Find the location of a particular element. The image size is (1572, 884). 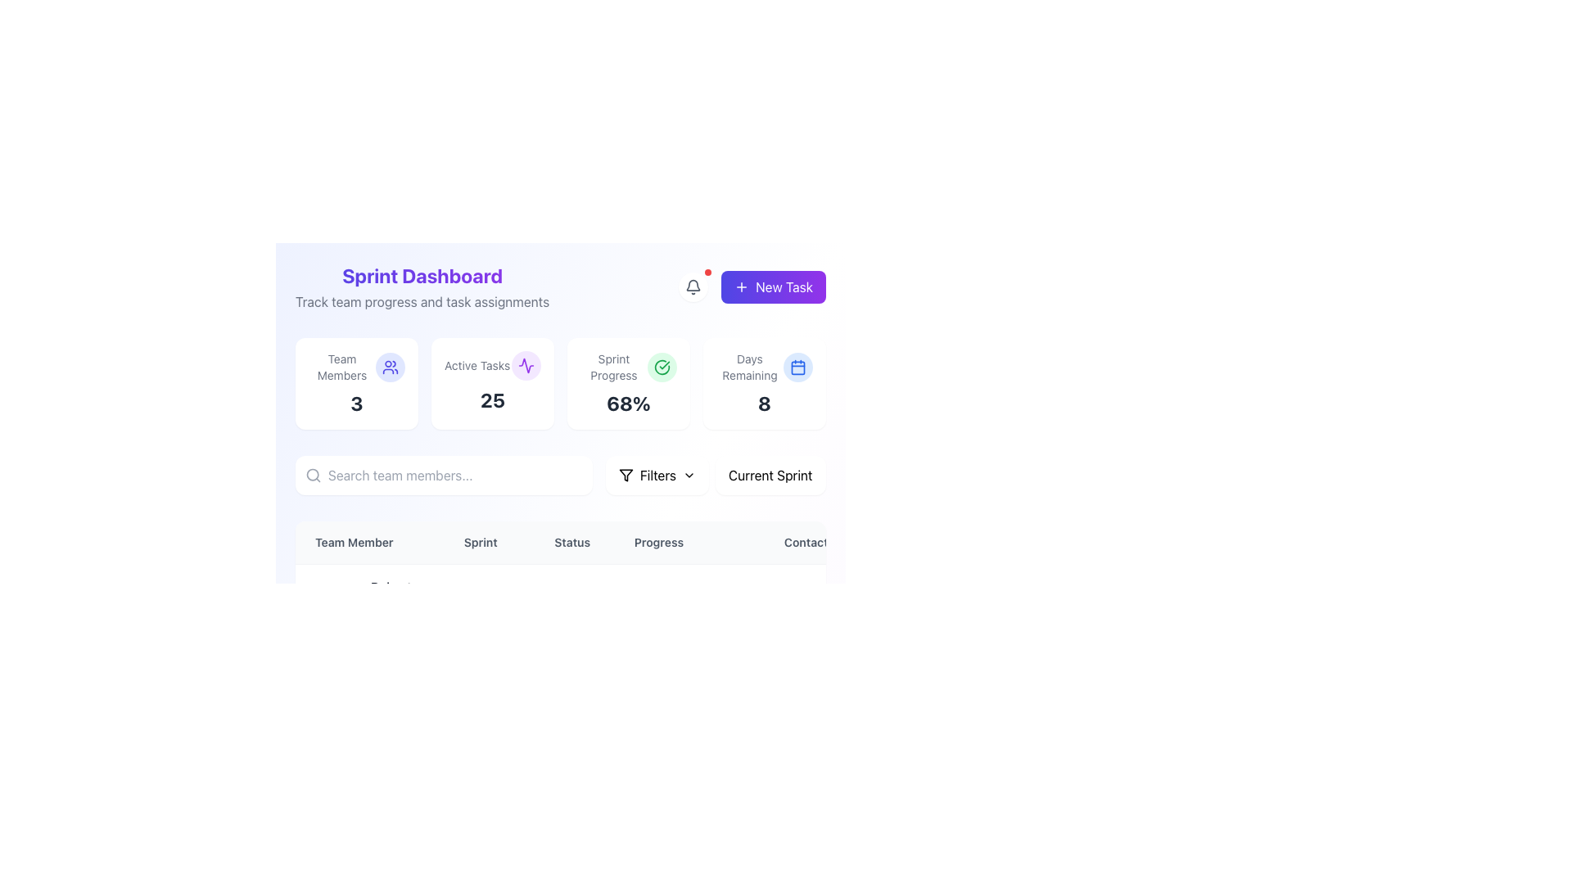

the Informational Card displaying the number of active tasks (25), which is centrally aligned in the grid next to the 'Team Members 3' card and the 'Sprint Progress 68%' card is located at coordinates (491, 384).